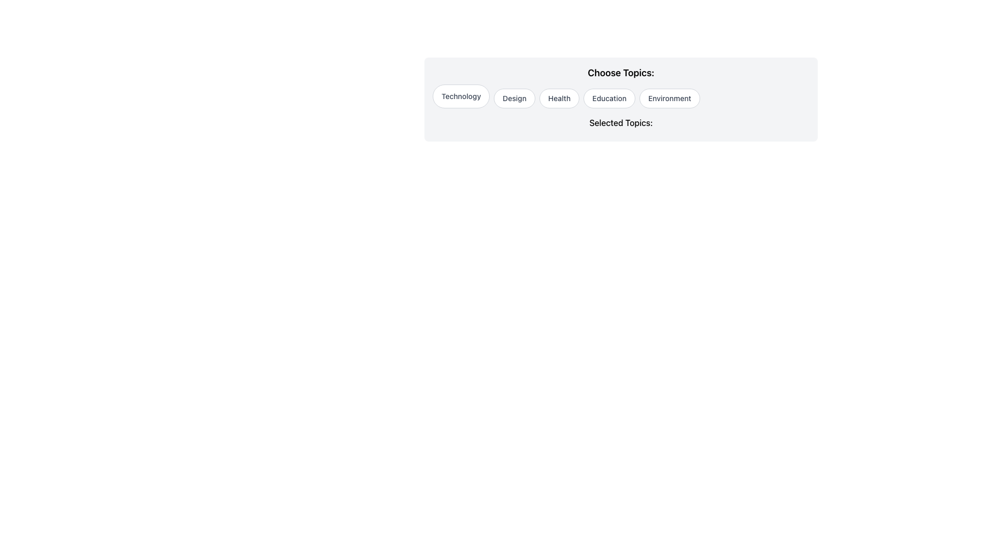 The width and height of the screenshot is (995, 560). What do you see at coordinates (621, 96) in the screenshot?
I see `the pill-shaped button in the horizontal list of topics, which includes options like 'Technology', 'Design', 'Health', 'Education', and 'Environment', located below the 'Choose Topics:' title` at bounding box center [621, 96].